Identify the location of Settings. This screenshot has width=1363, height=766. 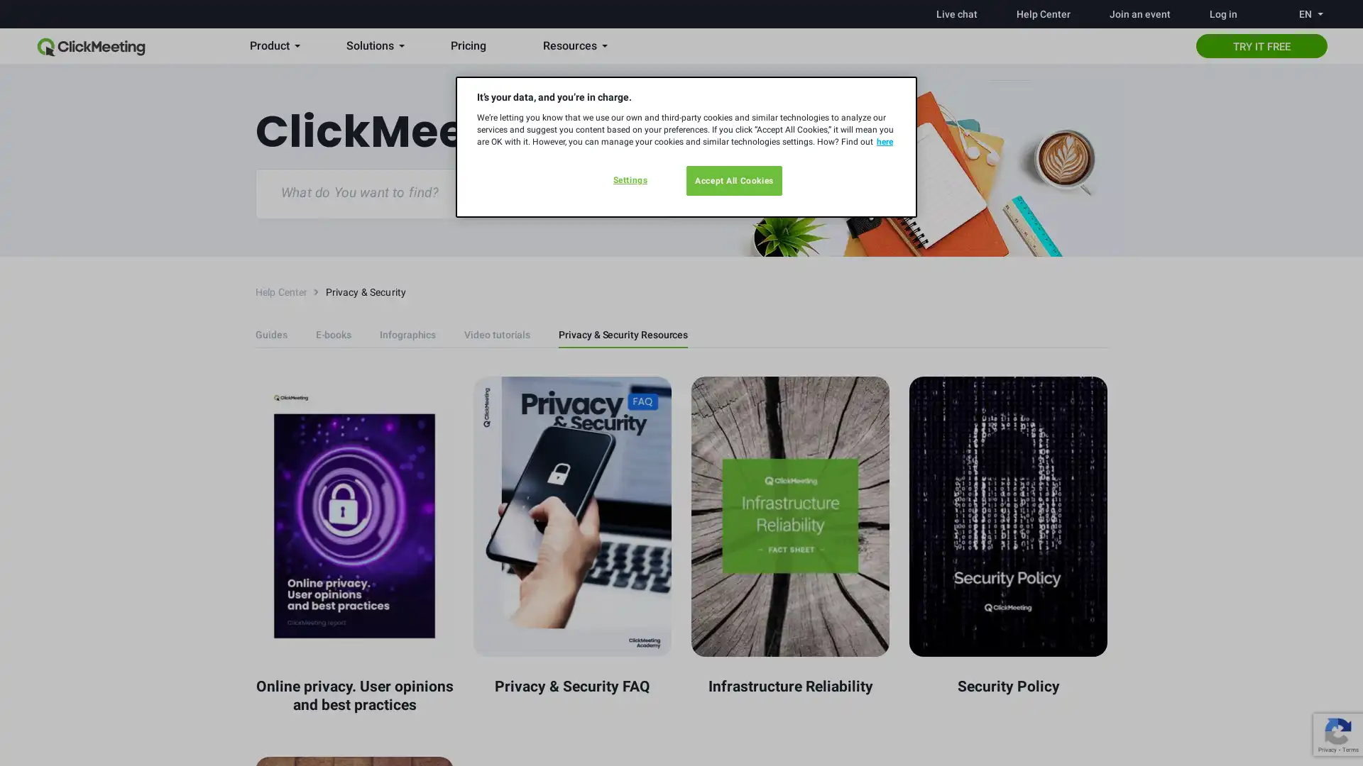
(629, 179).